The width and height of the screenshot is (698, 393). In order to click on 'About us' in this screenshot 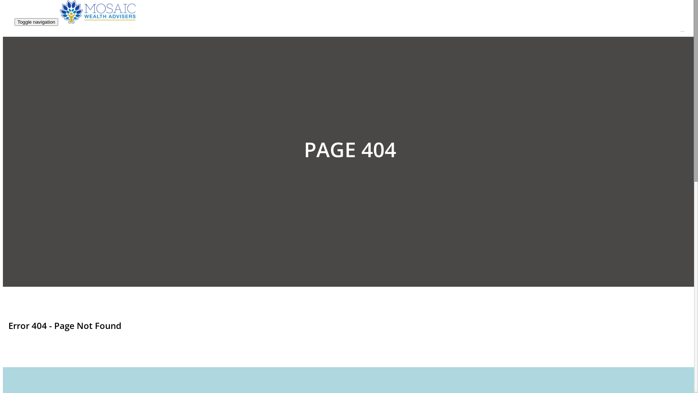, I will do `click(534, 155)`.